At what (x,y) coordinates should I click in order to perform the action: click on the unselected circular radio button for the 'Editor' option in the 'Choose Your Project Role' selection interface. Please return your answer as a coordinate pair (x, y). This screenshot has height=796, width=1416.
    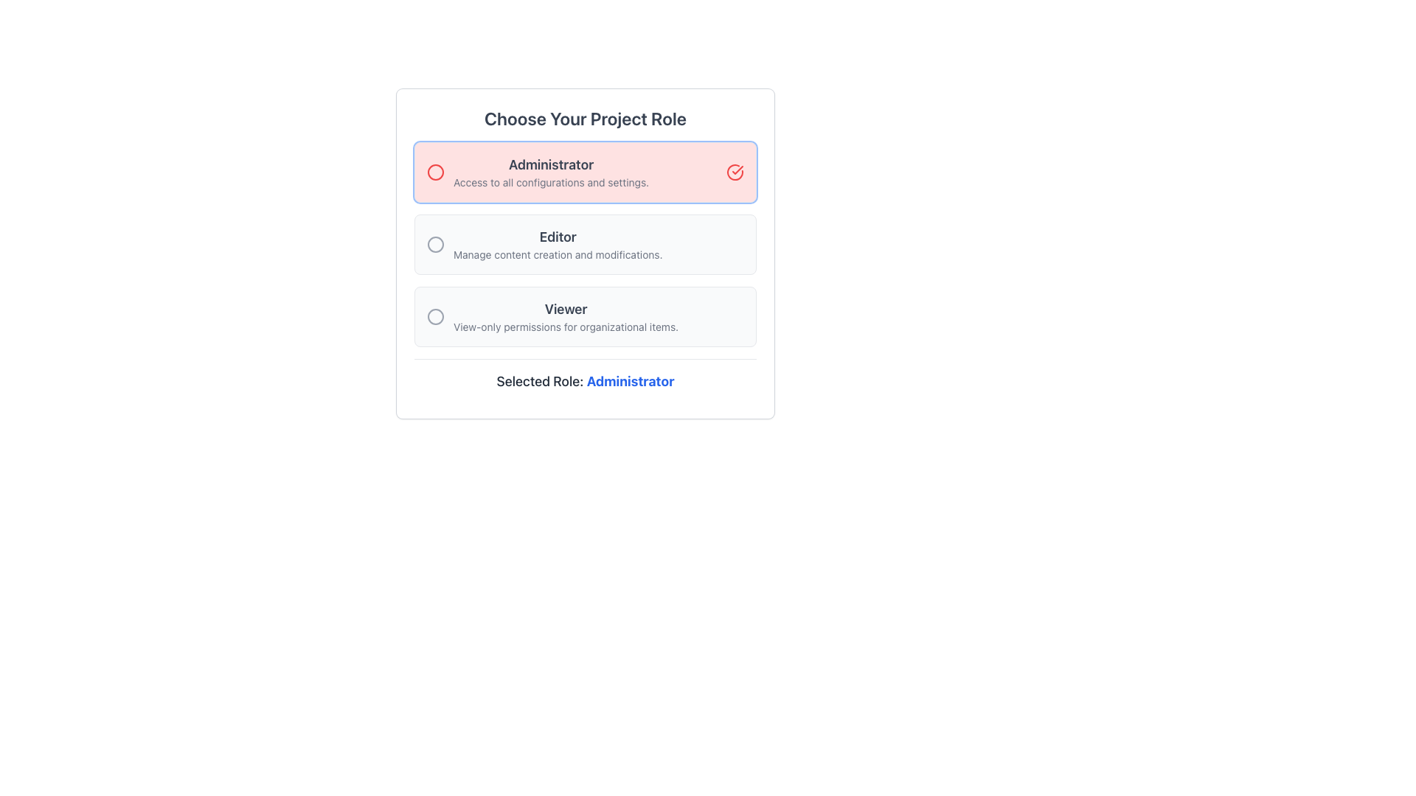
    Looking at the image, I should click on (434, 243).